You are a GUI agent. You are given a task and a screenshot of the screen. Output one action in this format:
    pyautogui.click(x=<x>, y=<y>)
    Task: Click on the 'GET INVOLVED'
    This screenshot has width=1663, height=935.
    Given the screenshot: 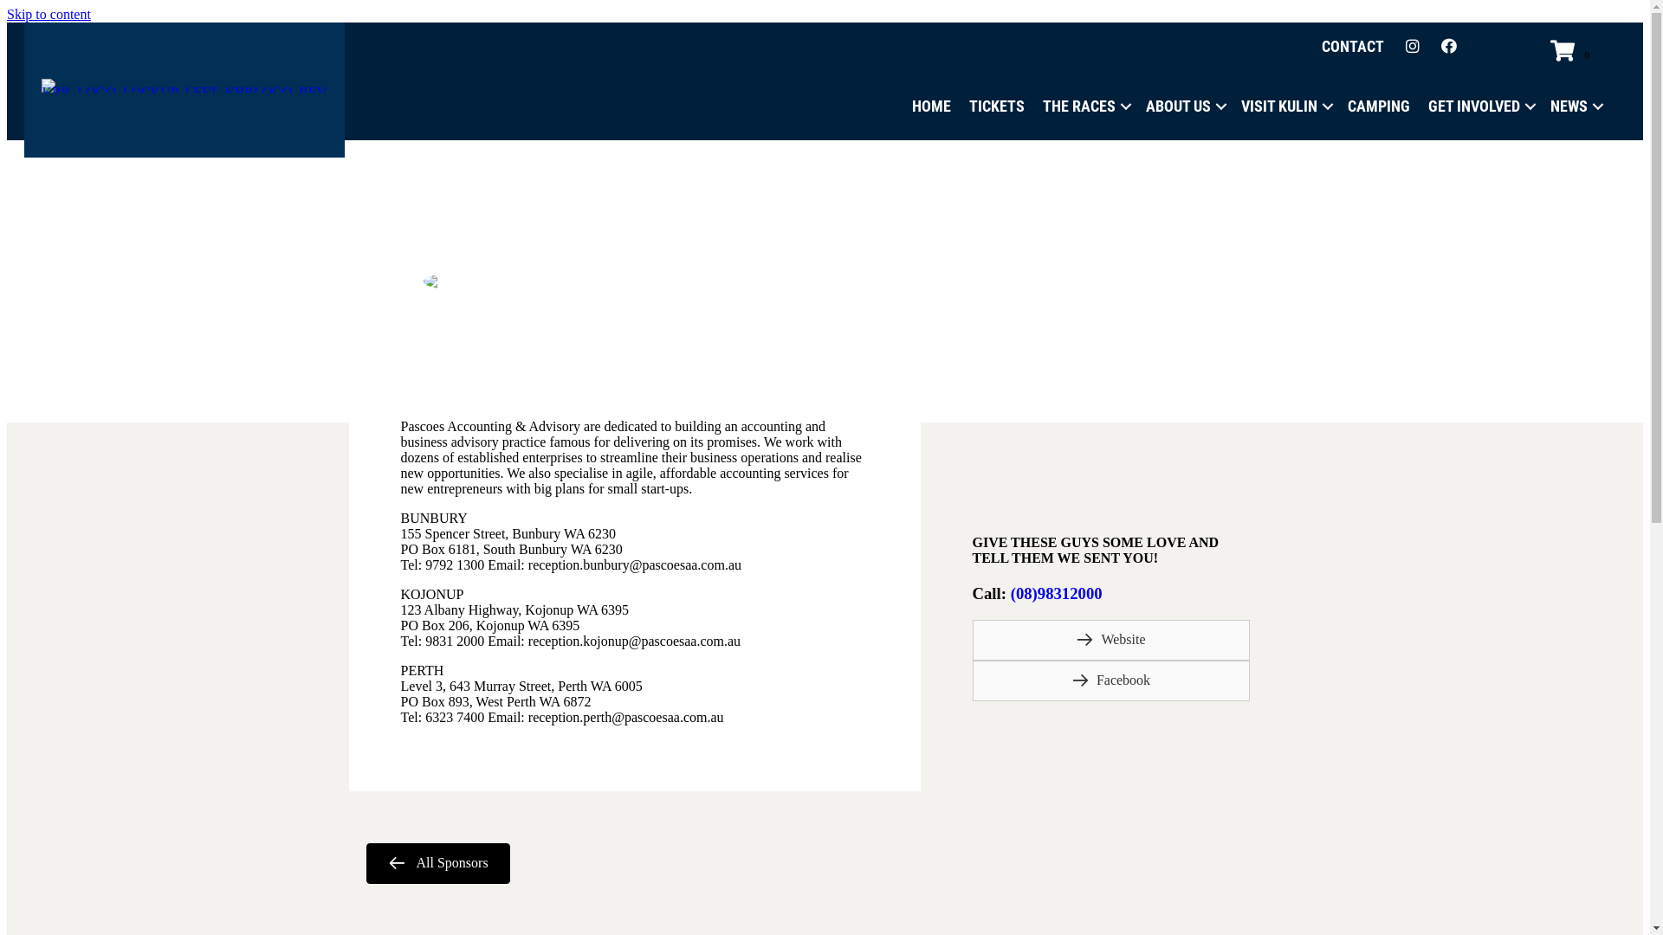 What is the action you would take?
    pyautogui.click(x=1479, y=106)
    